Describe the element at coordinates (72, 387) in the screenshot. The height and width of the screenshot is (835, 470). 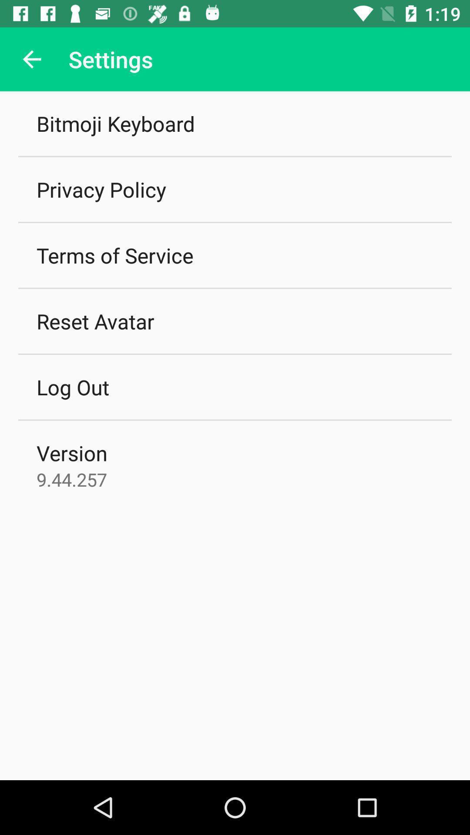
I see `log out item` at that location.